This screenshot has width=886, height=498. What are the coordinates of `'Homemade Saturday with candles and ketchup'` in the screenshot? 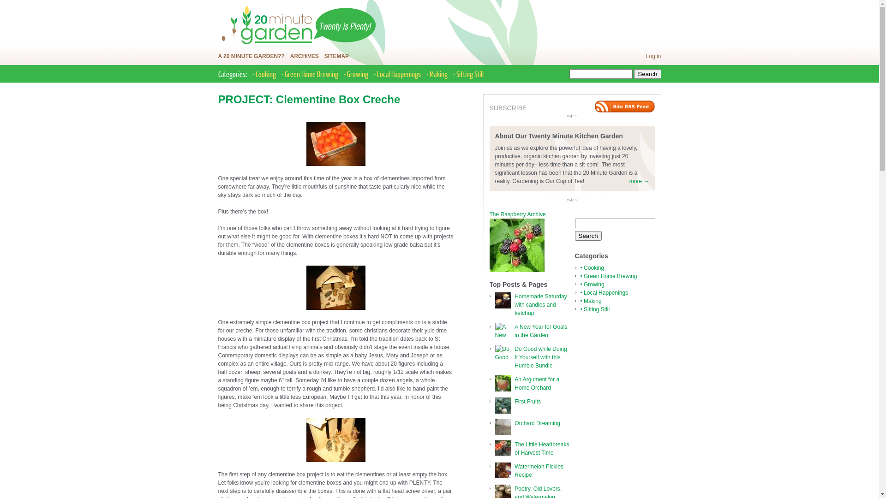 It's located at (540, 304).